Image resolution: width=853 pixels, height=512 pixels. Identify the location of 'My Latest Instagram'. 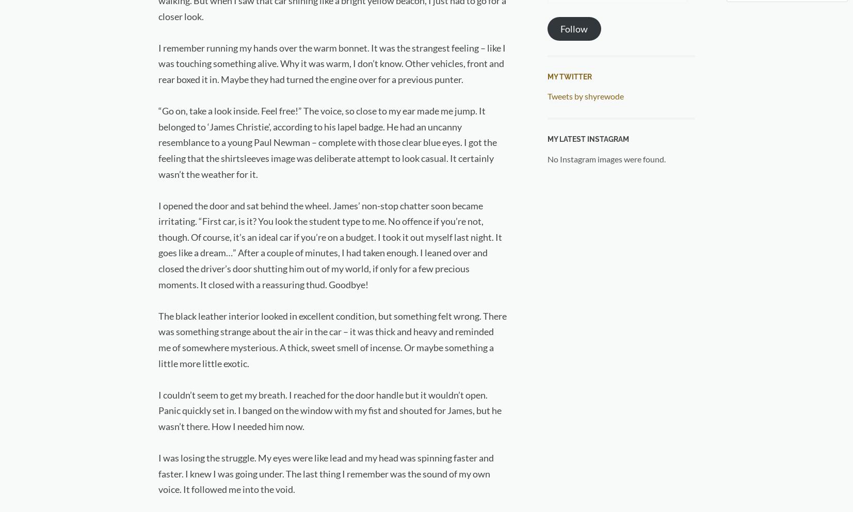
(547, 139).